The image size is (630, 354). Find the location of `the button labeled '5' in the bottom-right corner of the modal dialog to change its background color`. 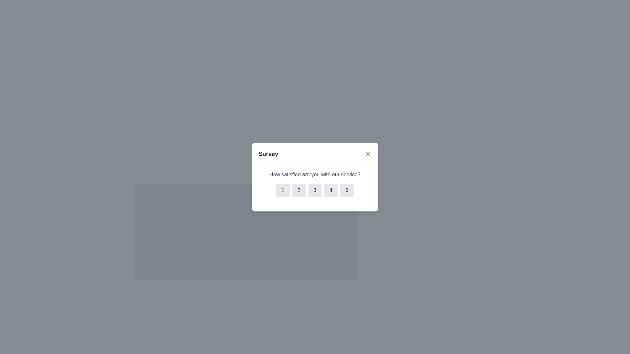

the button labeled '5' in the bottom-right corner of the modal dialog to change its background color is located at coordinates (346, 190).